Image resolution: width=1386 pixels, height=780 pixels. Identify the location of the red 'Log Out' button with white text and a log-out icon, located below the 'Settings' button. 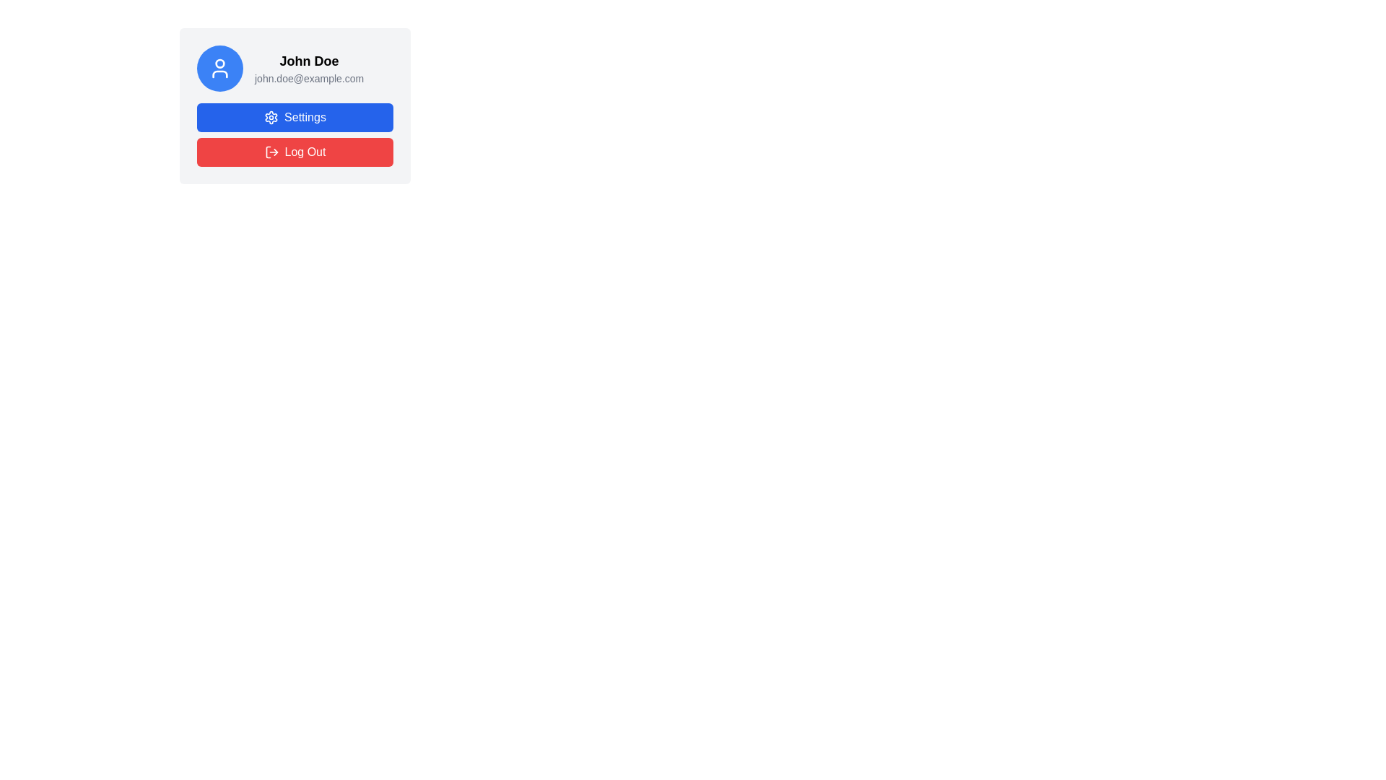
(294, 152).